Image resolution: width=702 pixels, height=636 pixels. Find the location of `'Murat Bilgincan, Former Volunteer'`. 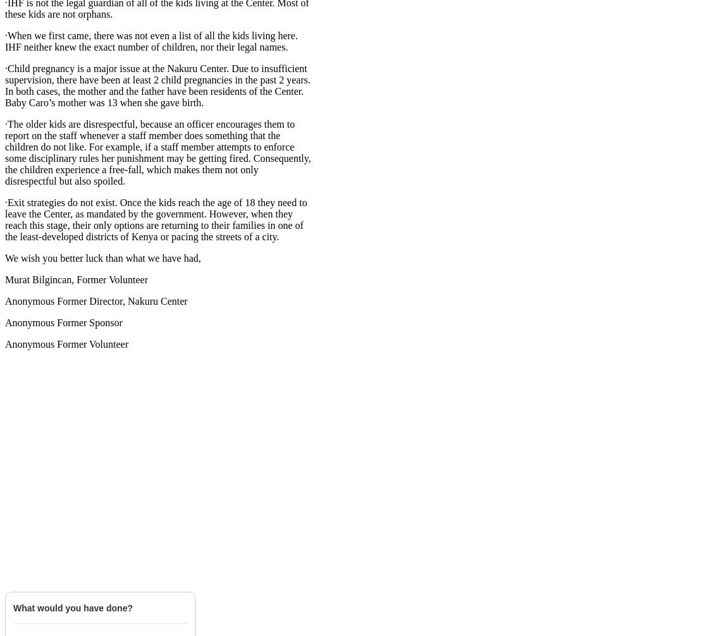

'Murat Bilgincan, Former Volunteer' is located at coordinates (4, 278).